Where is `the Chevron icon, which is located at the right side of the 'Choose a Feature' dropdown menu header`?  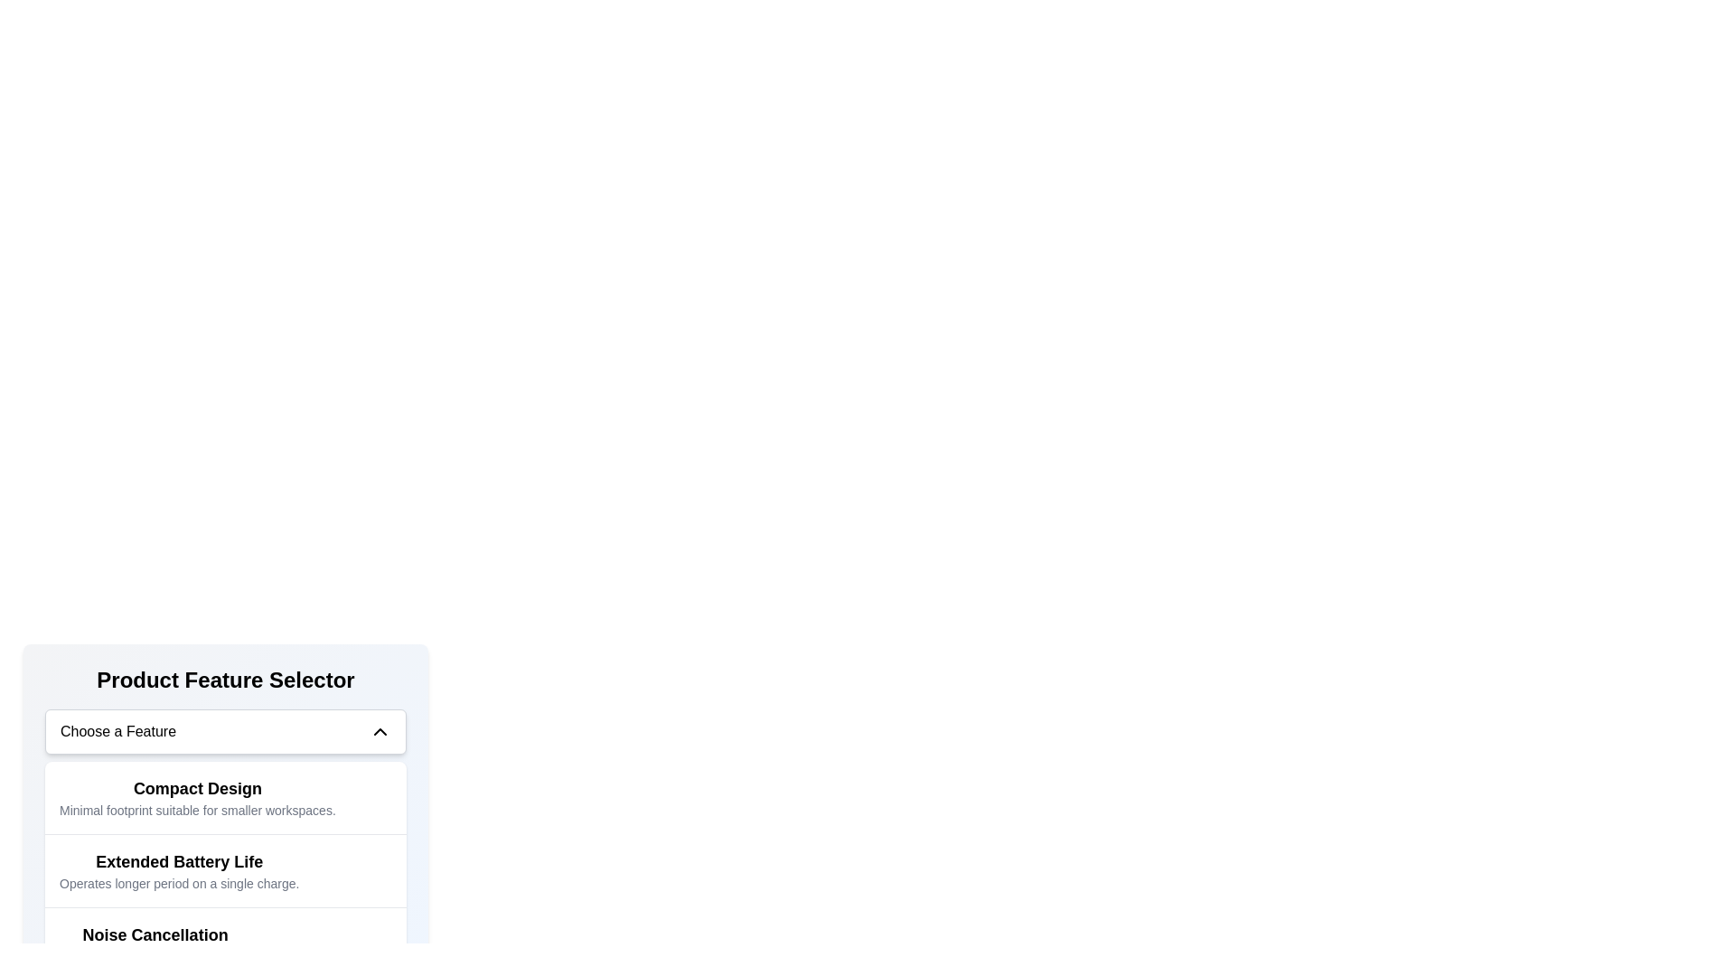 the Chevron icon, which is located at the right side of the 'Choose a Feature' dropdown menu header is located at coordinates (380, 732).